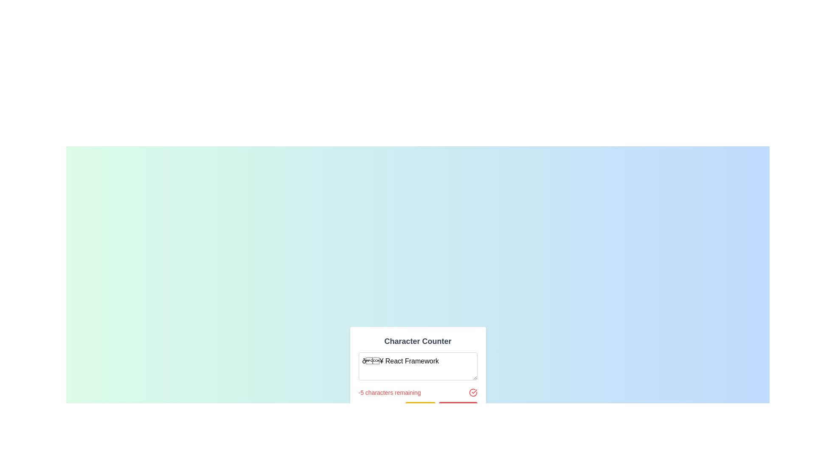 The height and width of the screenshot is (458, 815). What do you see at coordinates (420, 408) in the screenshot?
I see `the 'Edit' button located in the lower section of the interface` at bounding box center [420, 408].